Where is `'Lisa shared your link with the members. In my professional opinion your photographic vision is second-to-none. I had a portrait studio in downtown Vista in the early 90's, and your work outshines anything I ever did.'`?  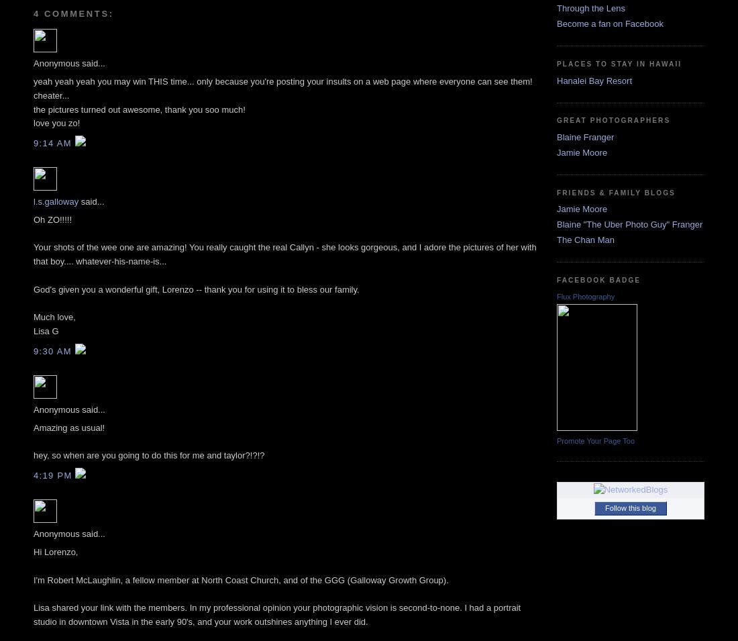
'Lisa shared your link with the members. In my professional opinion your photographic vision is second-to-none. I had a portrait studio in downtown Vista in the early 90's, and your work outshines anything I ever did.' is located at coordinates (276, 615).